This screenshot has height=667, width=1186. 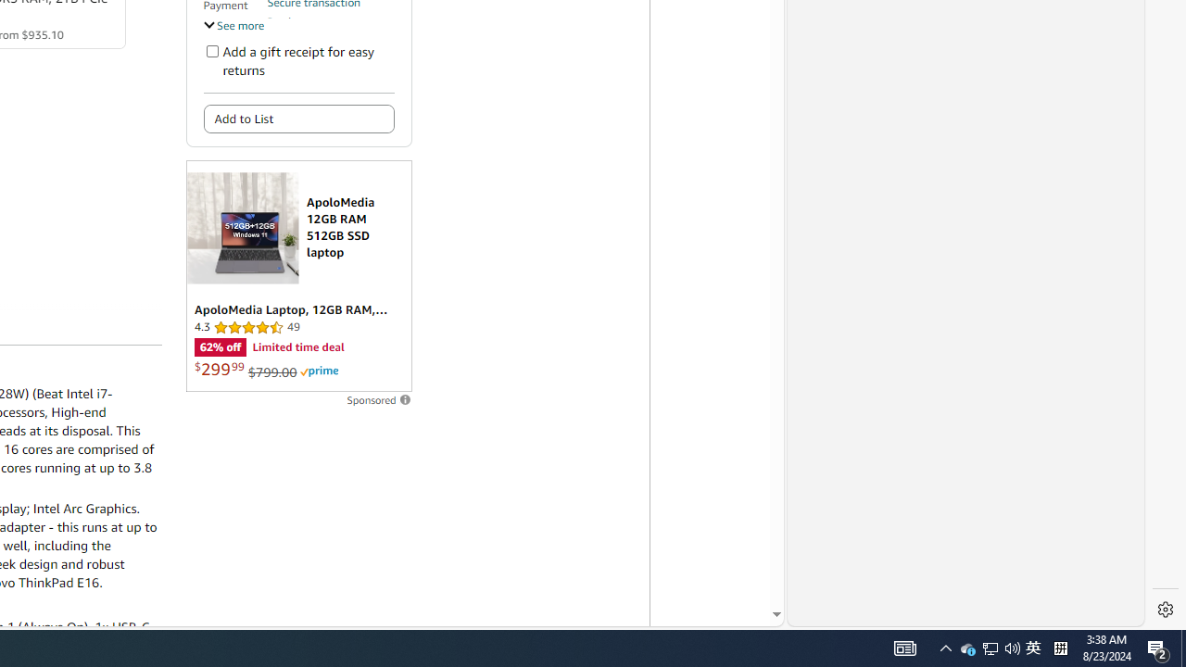 What do you see at coordinates (298, 276) in the screenshot?
I see `'Sponsored ad'` at bounding box center [298, 276].